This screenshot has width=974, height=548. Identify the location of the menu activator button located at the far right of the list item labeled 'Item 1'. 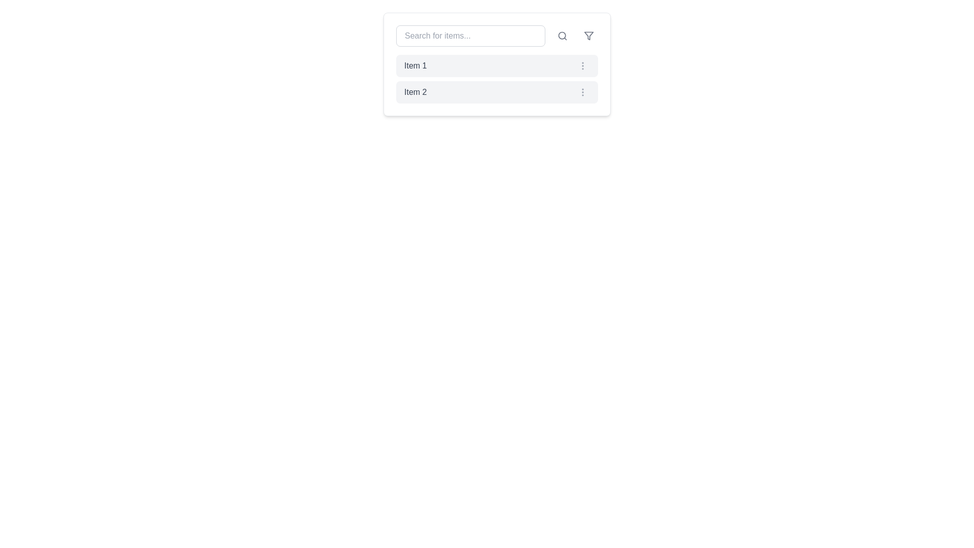
(582, 66).